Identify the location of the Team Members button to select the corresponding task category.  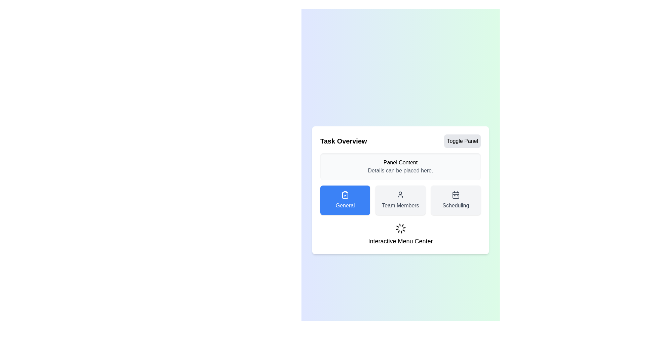
(400, 200).